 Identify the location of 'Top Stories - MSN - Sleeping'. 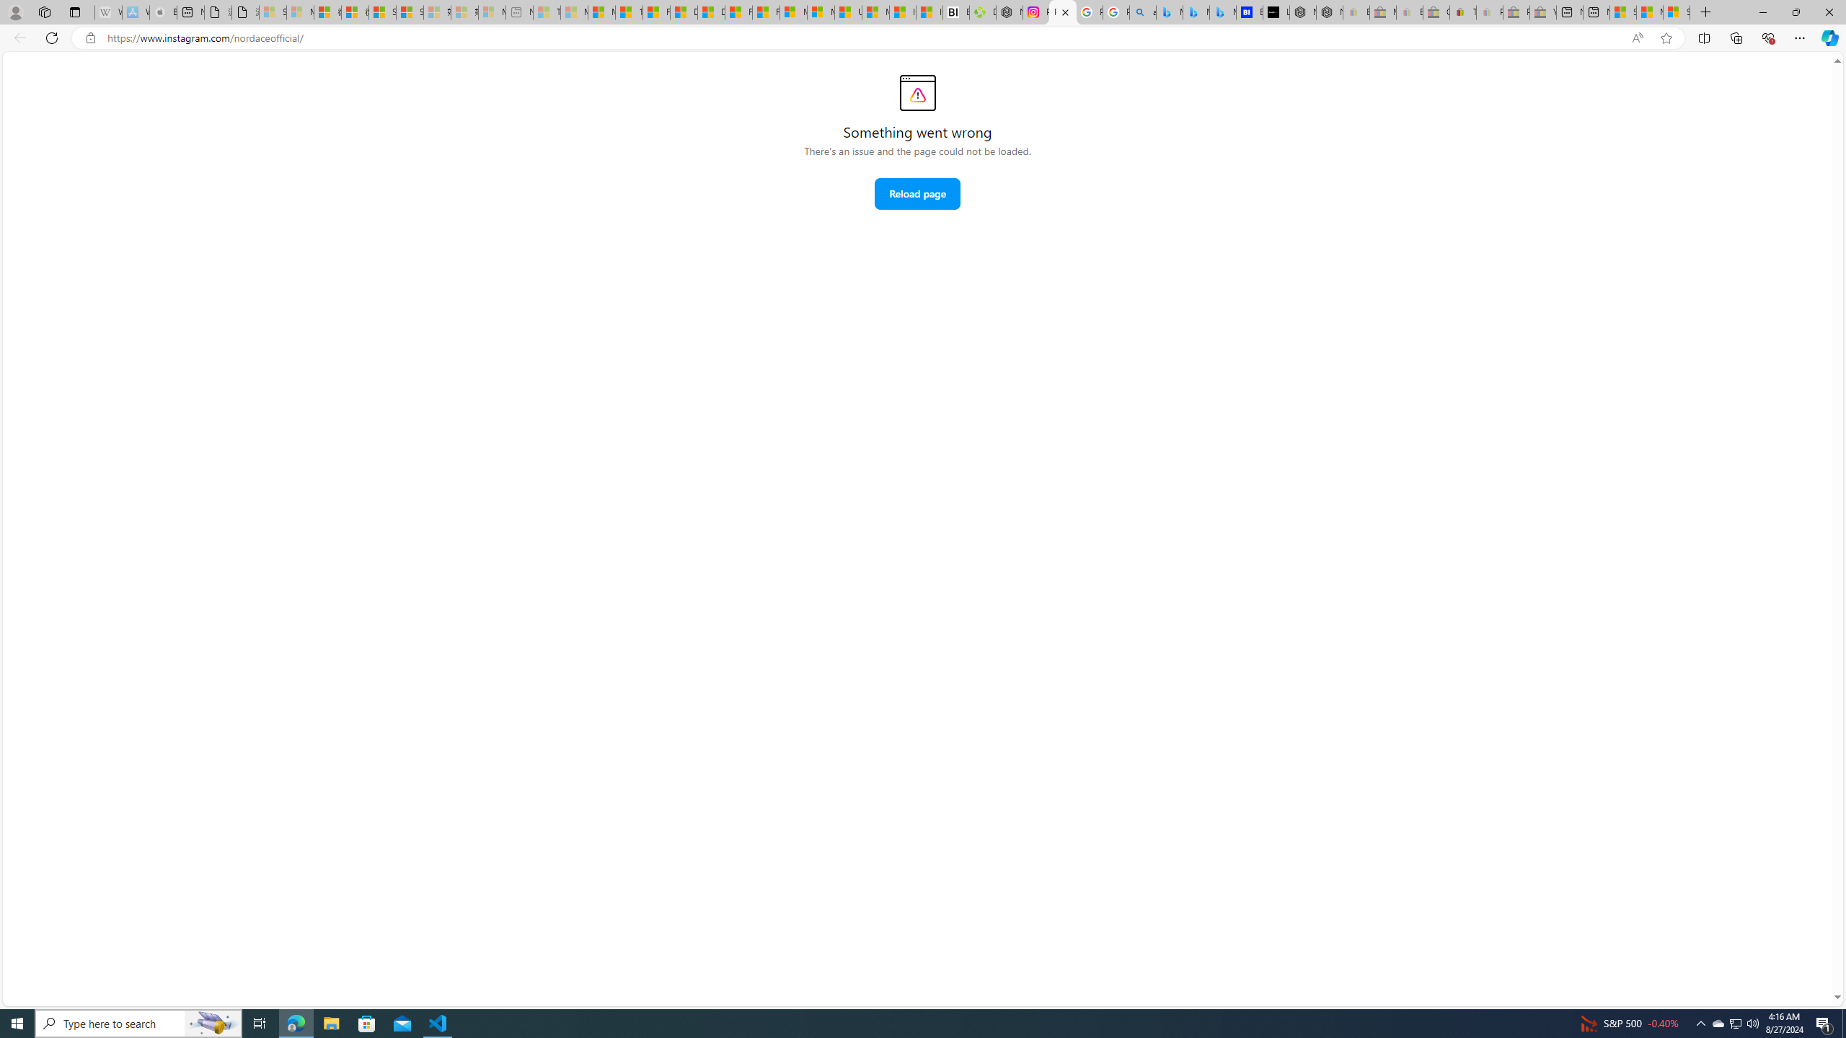
(547, 12).